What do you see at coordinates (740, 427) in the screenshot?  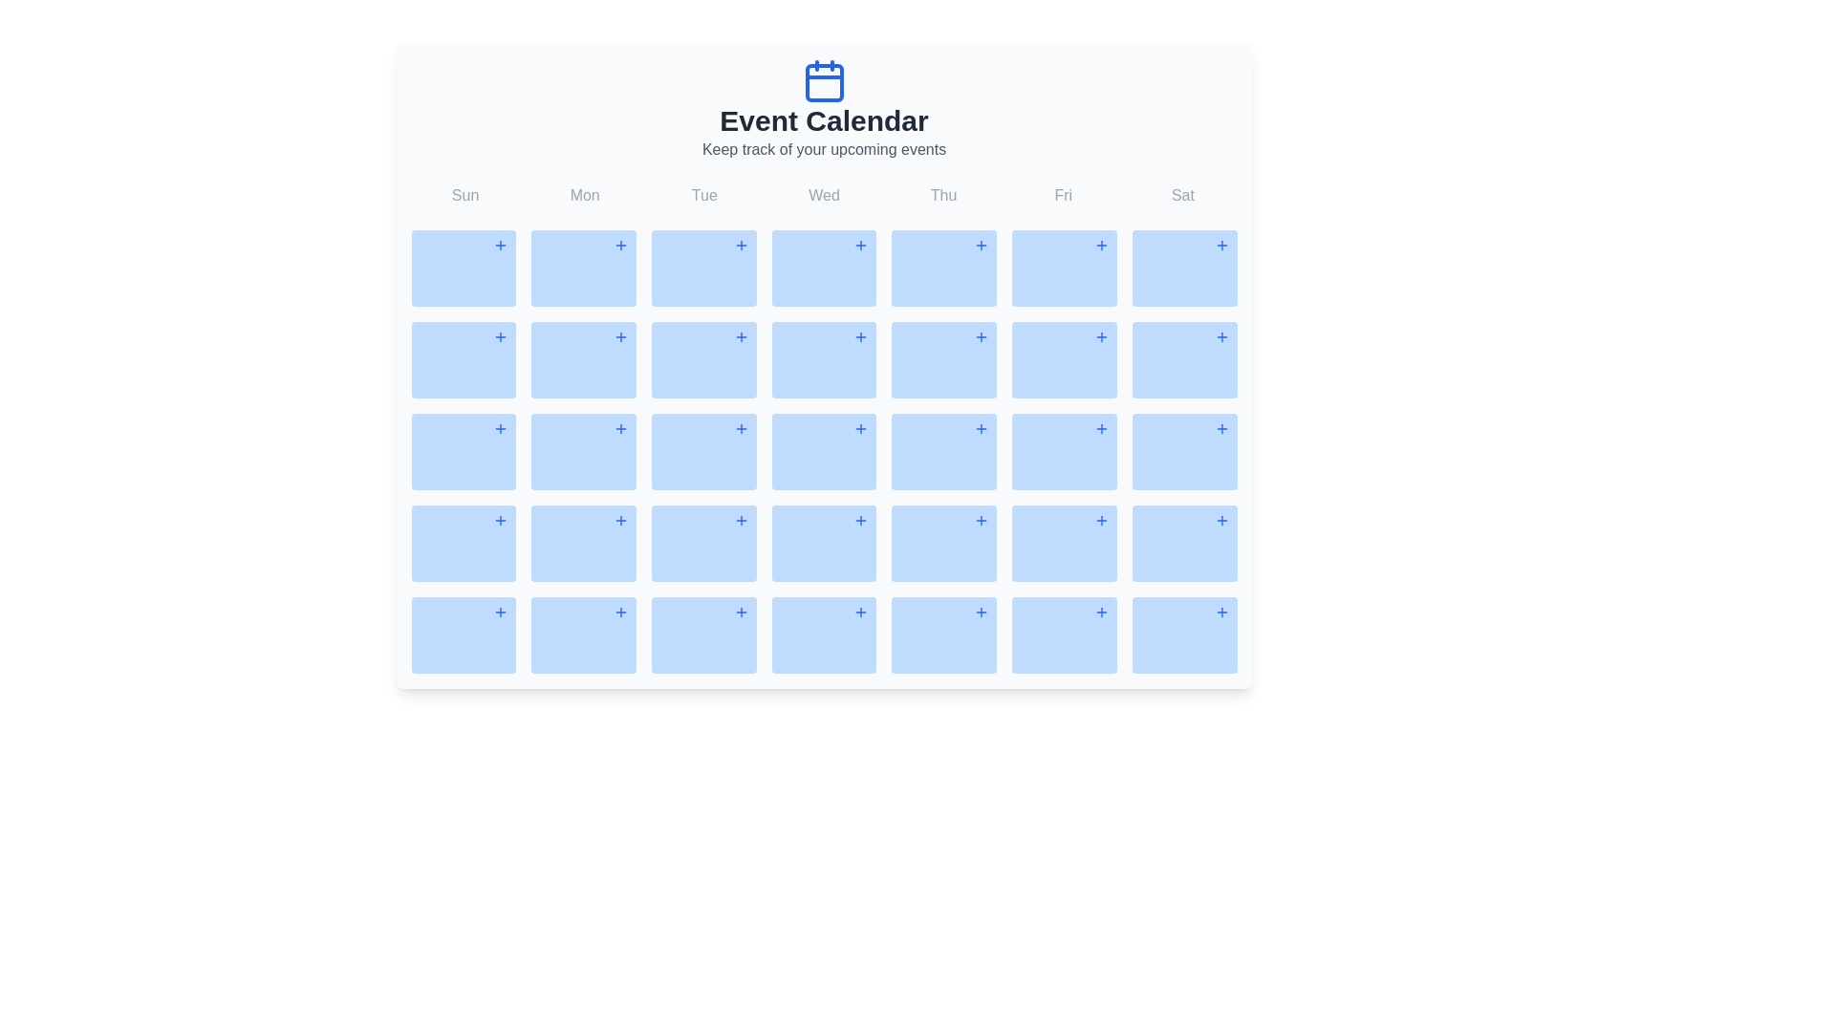 I see `the small blue plus sign button located in the top-right corner of the light blue rectangular button in the Tuesday column of the fourth row in the calendar grid` at bounding box center [740, 427].